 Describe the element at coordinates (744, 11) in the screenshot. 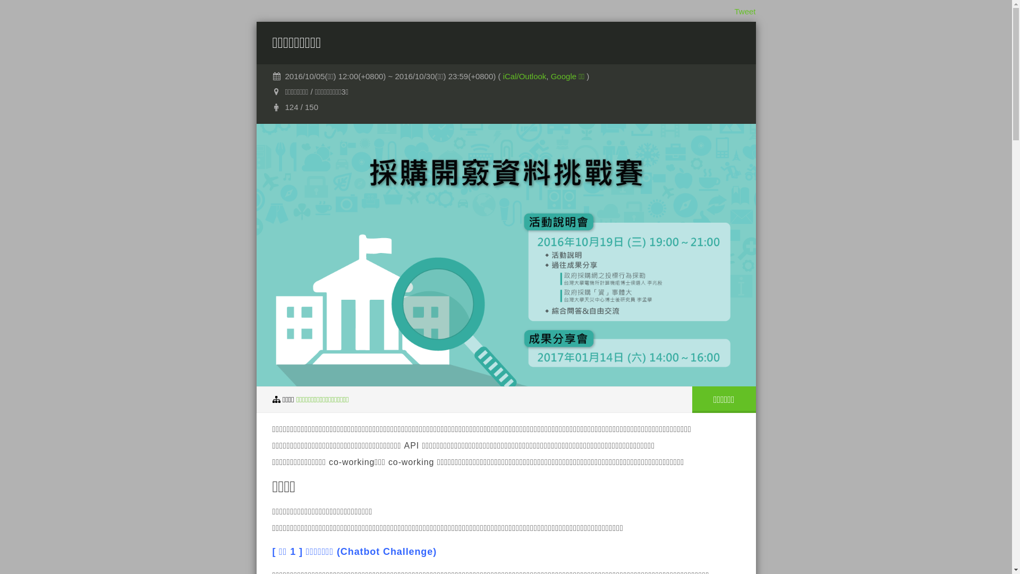

I see `'Tweet'` at that location.